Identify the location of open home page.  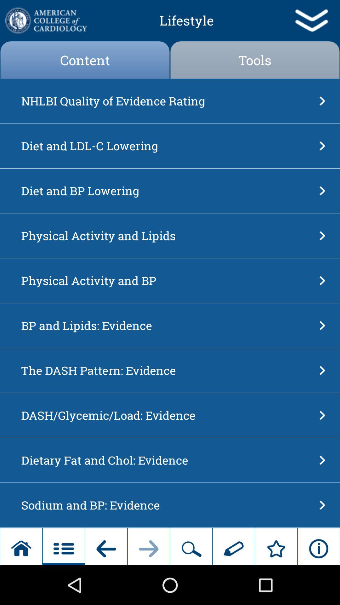
(45, 20).